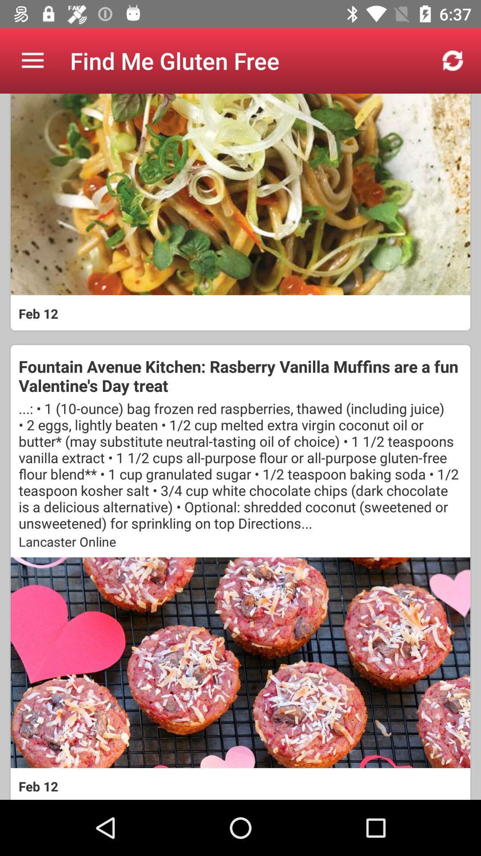 The height and width of the screenshot is (856, 481). I want to click on lancaster online icon, so click(240, 541).